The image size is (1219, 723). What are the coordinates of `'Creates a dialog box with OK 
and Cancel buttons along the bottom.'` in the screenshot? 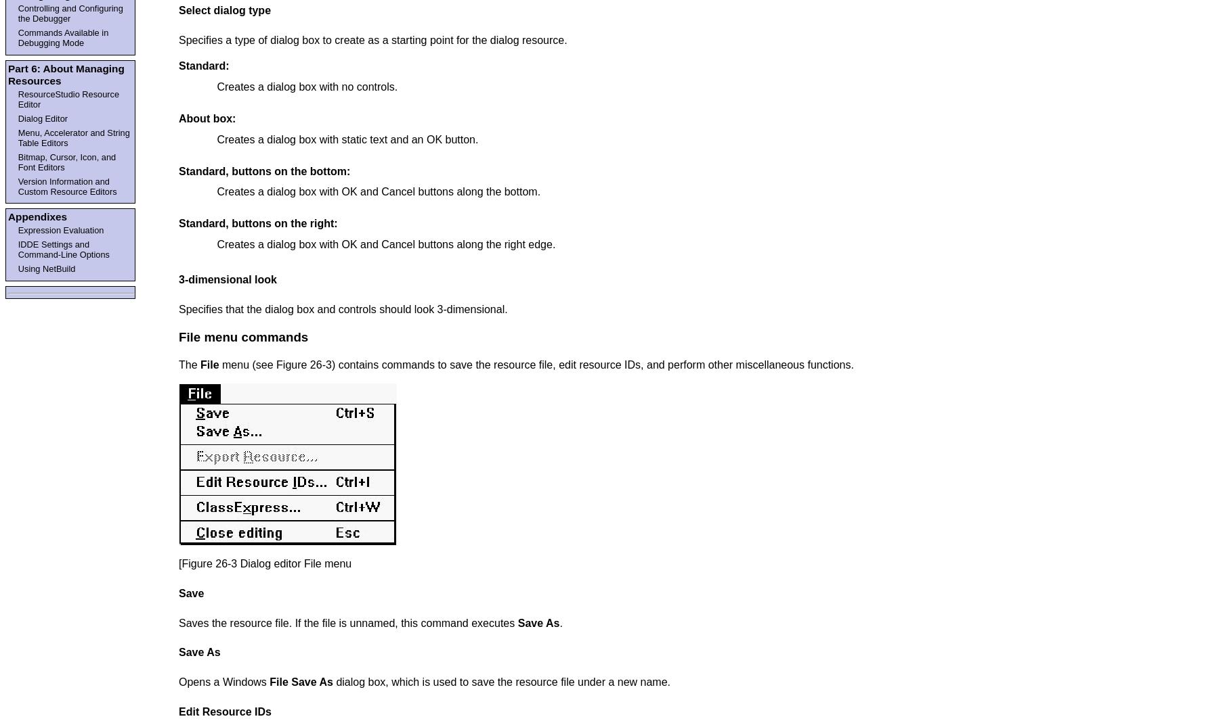 It's located at (216, 191).